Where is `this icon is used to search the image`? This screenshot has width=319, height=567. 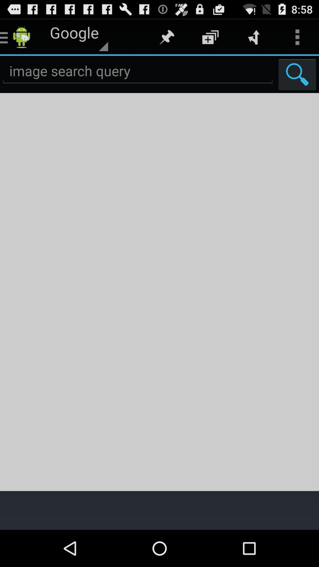
this icon is used to search the image is located at coordinates (297, 74).